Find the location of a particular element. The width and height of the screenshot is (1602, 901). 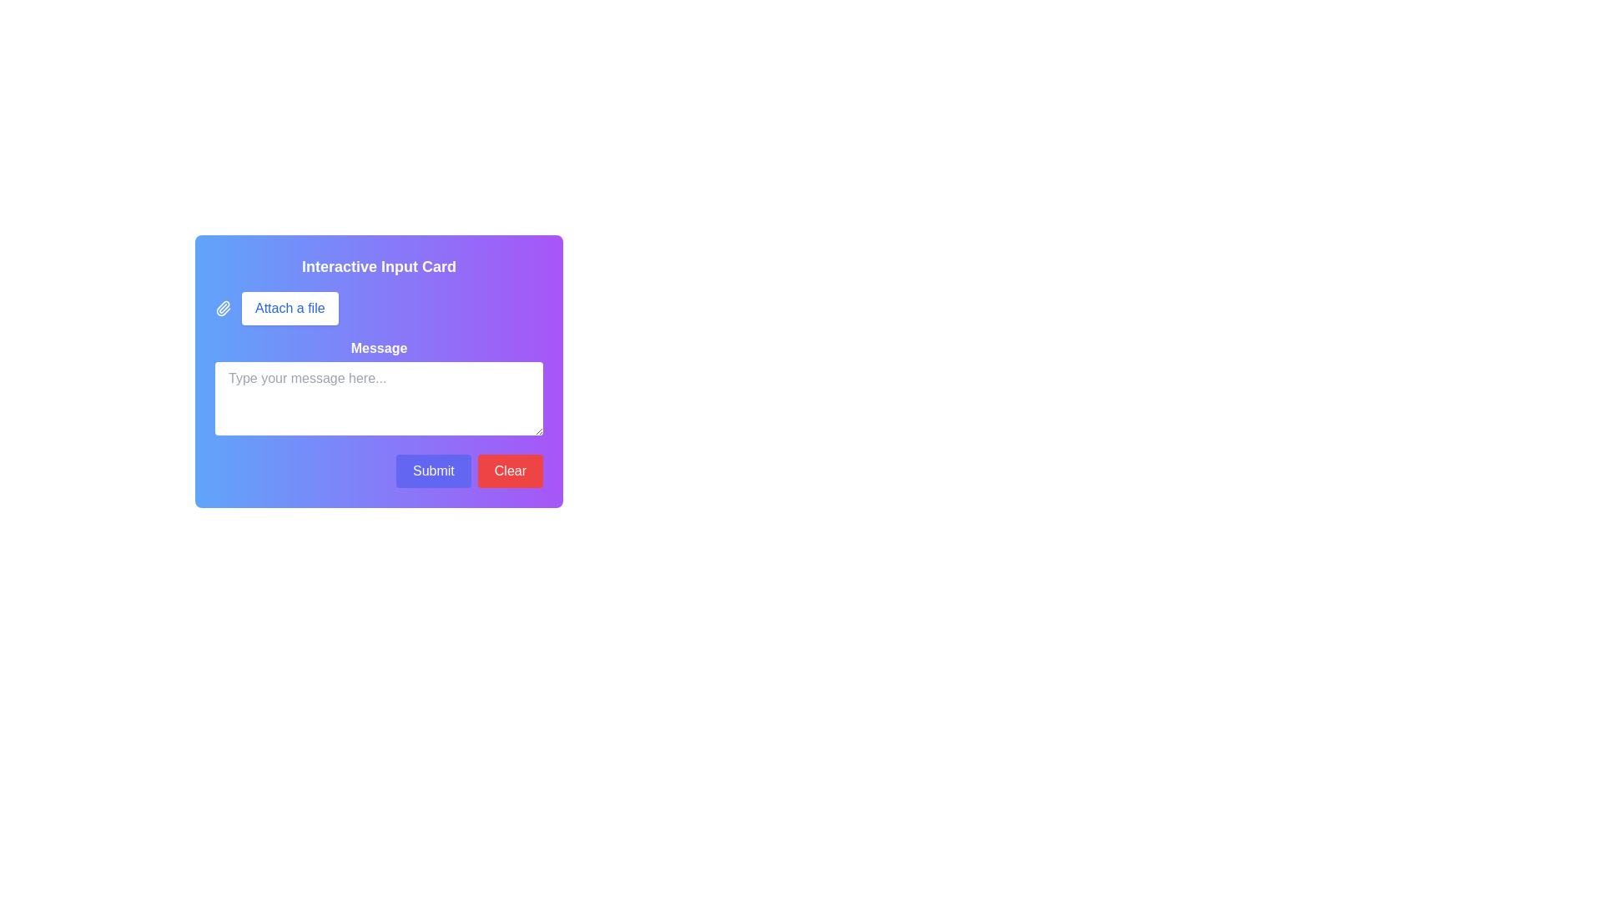

the button located to the right of the paperclip icon, which serves to attach files, to initiate a file selection dialog is located at coordinates (289, 309).